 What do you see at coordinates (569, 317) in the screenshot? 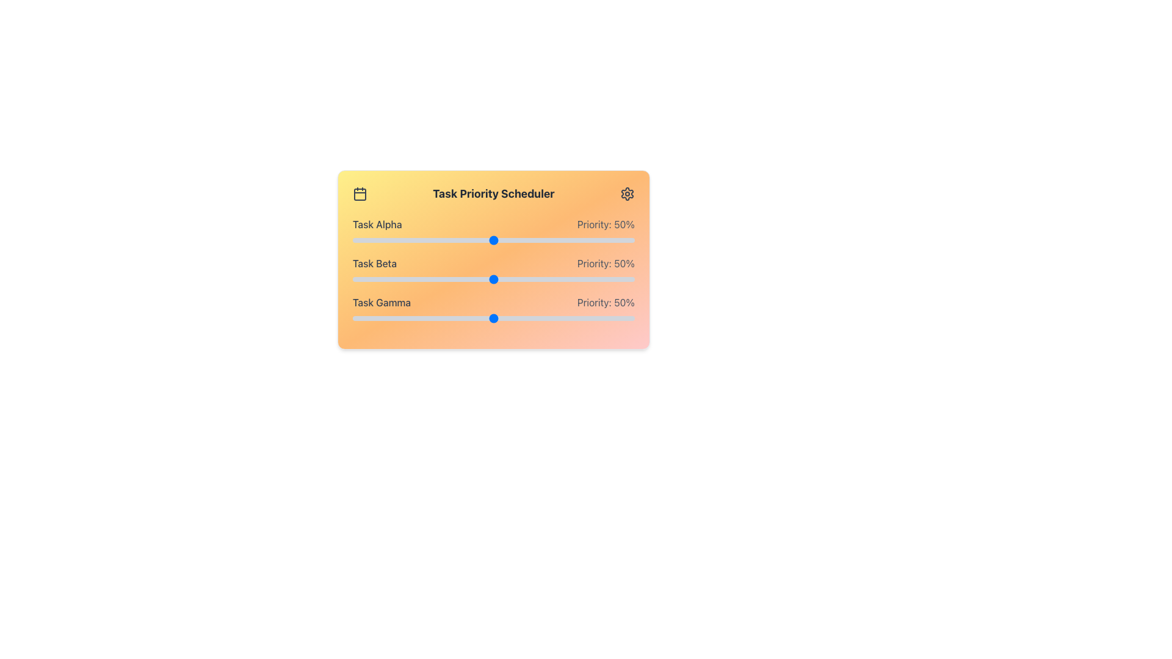
I see `task priority` at bounding box center [569, 317].